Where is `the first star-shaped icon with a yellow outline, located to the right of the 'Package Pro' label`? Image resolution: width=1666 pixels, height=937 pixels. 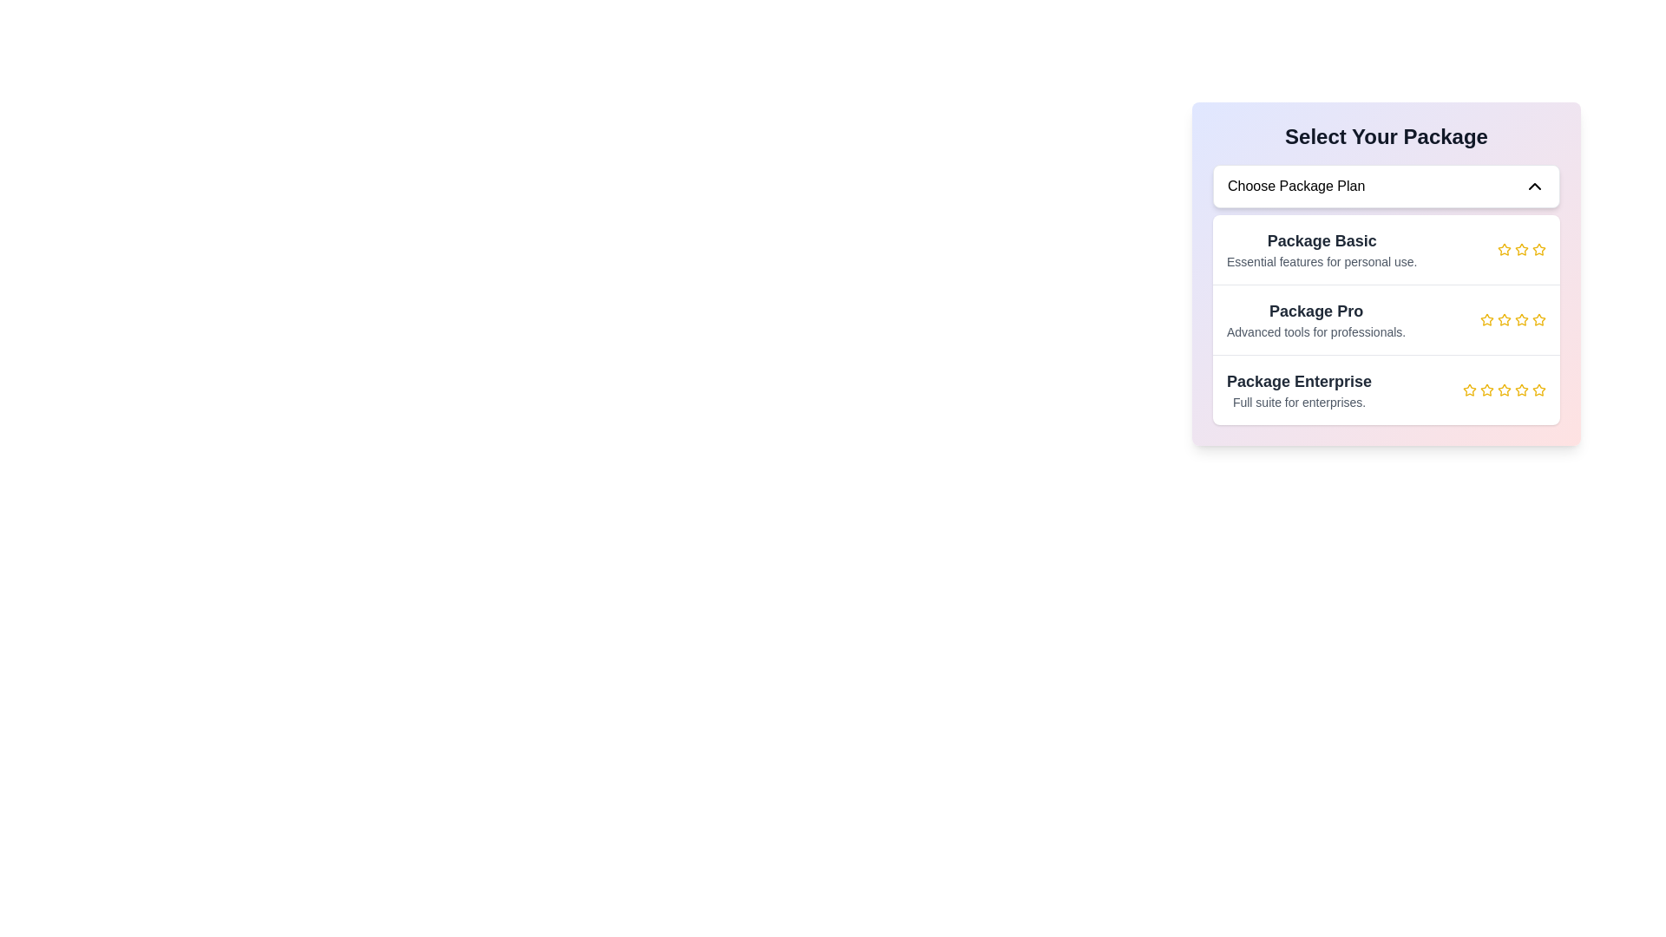 the first star-shaped icon with a yellow outline, located to the right of the 'Package Pro' label is located at coordinates (1486, 319).